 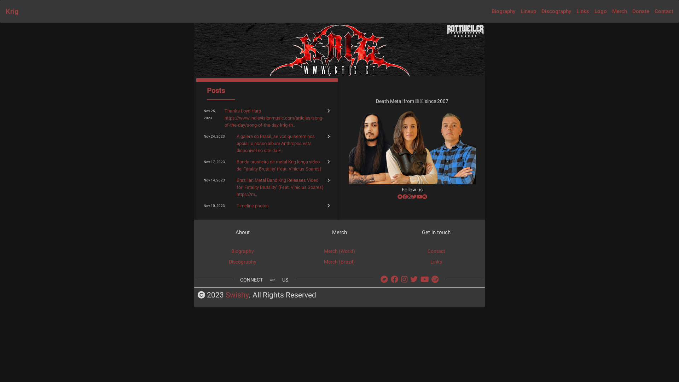 I want to click on 'Facebook', so click(x=405, y=196).